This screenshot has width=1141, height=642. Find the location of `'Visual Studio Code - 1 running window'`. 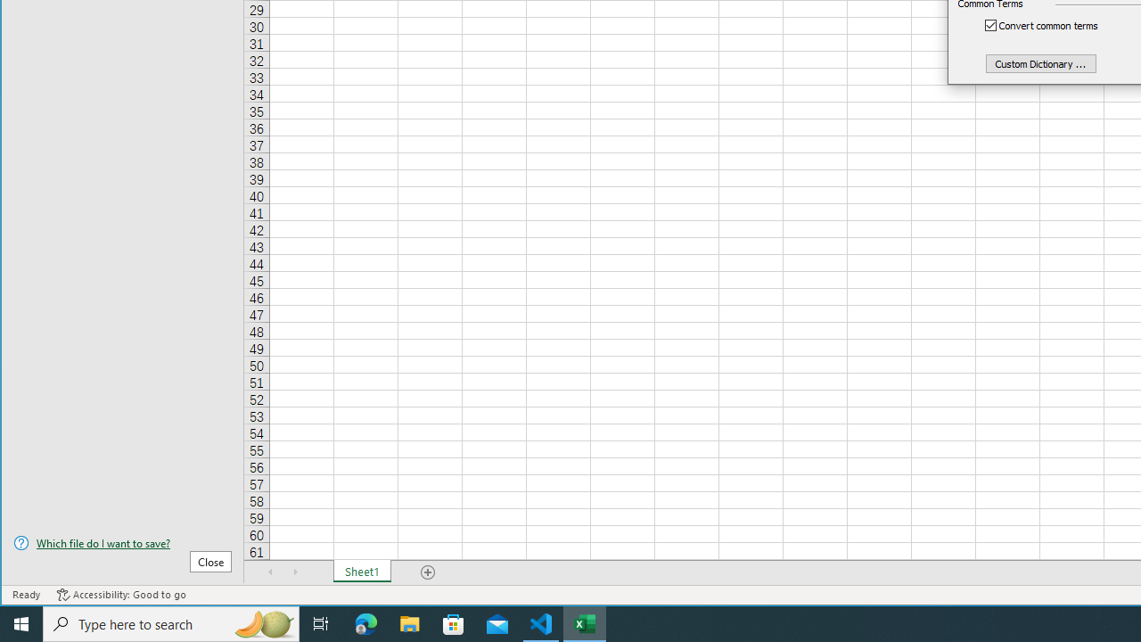

'Visual Studio Code - 1 running window' is located at coordinates (540, 622).